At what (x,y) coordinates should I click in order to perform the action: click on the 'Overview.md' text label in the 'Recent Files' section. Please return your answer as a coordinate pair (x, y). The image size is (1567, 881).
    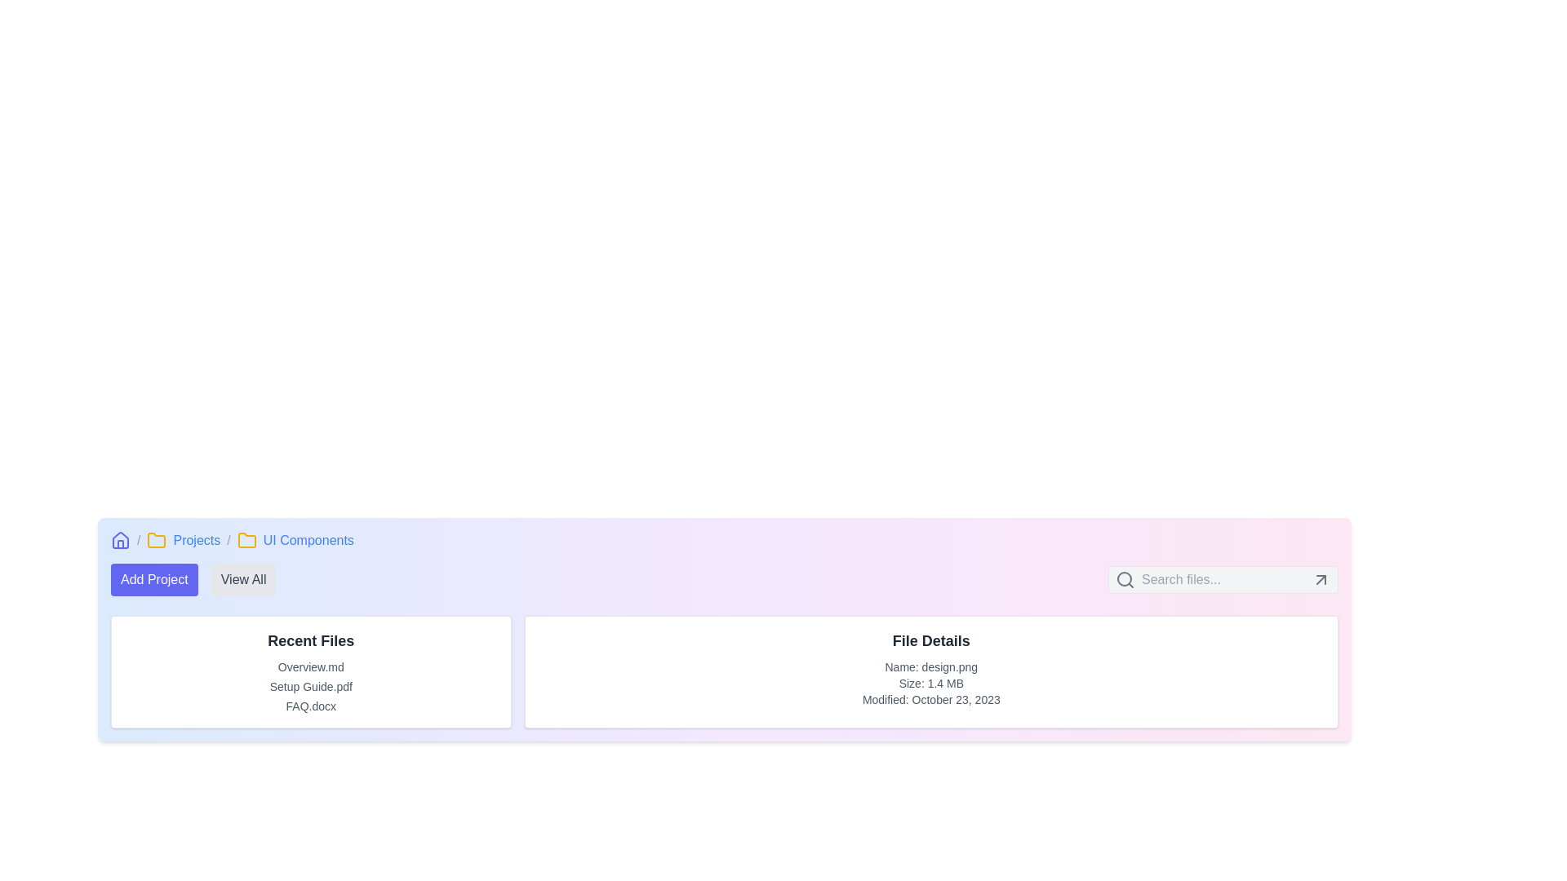
    Looking at the image, I should click on (311, 666).